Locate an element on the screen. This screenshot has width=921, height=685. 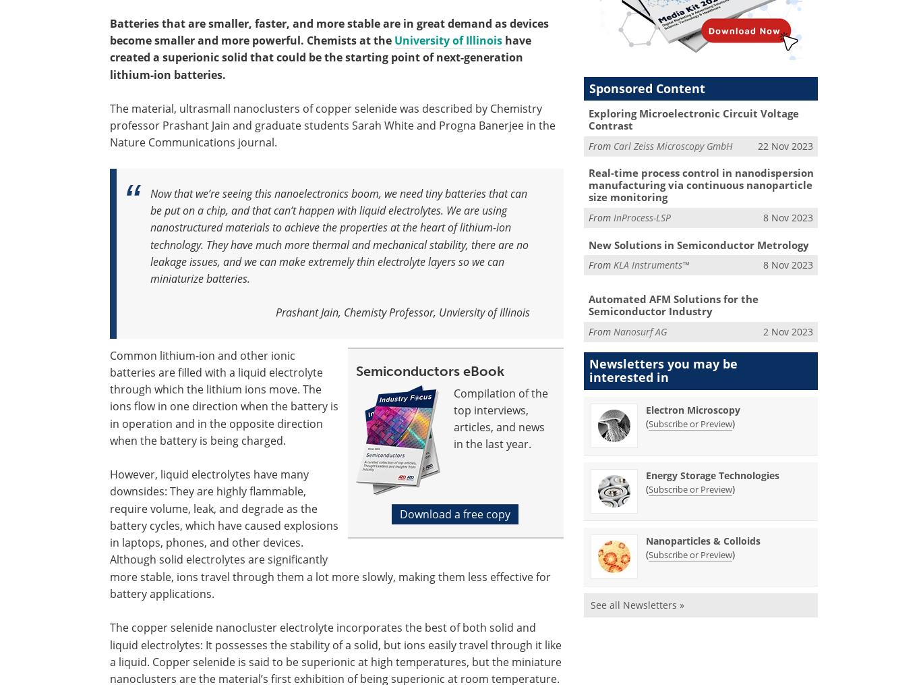
'Real-time process control in nanodispersion manufacturing via continuous nanoparticle size monitoring' is located at coordinates (699, 185).